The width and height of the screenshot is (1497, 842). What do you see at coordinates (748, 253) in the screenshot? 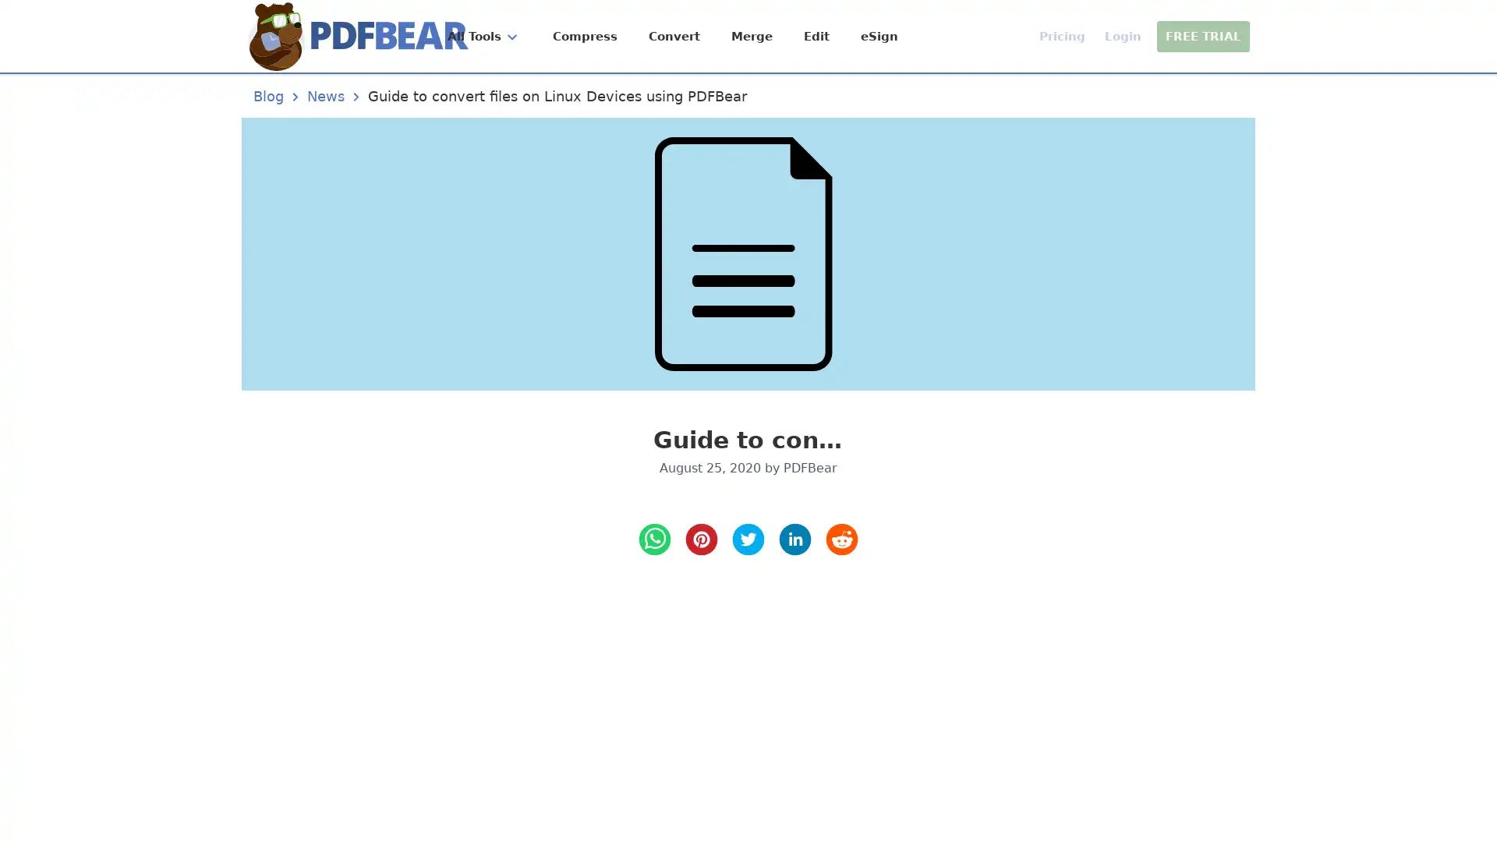
I see `Guide to convert files on Linux Devices using PDFBear` at bounding box center [748, 253].